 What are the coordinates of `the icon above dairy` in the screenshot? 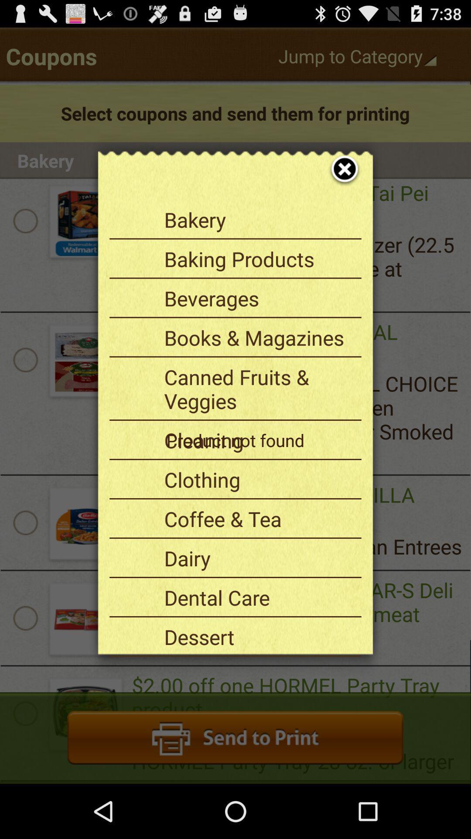 It's located at (259, 519).